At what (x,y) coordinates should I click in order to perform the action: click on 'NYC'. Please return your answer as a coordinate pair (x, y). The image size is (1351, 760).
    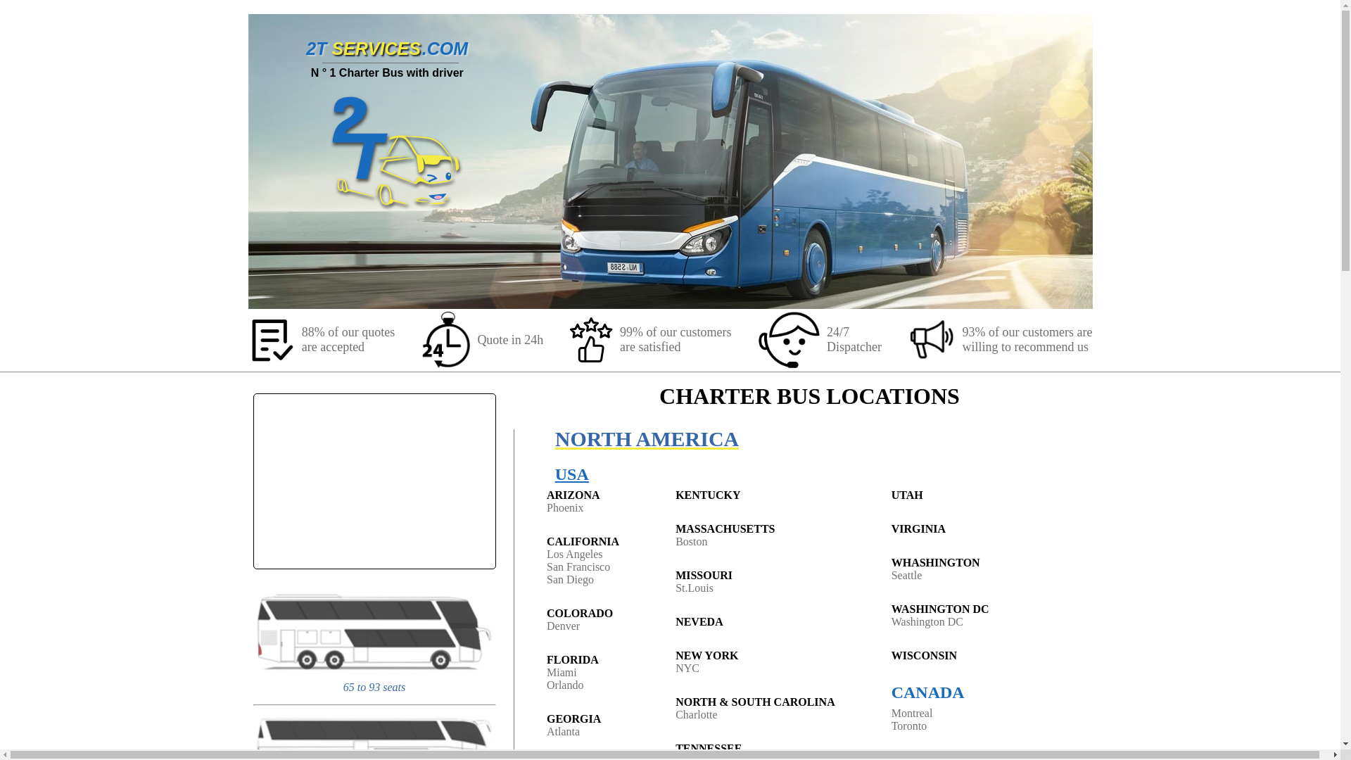
    Looking at the image, I should click on (687, 667).